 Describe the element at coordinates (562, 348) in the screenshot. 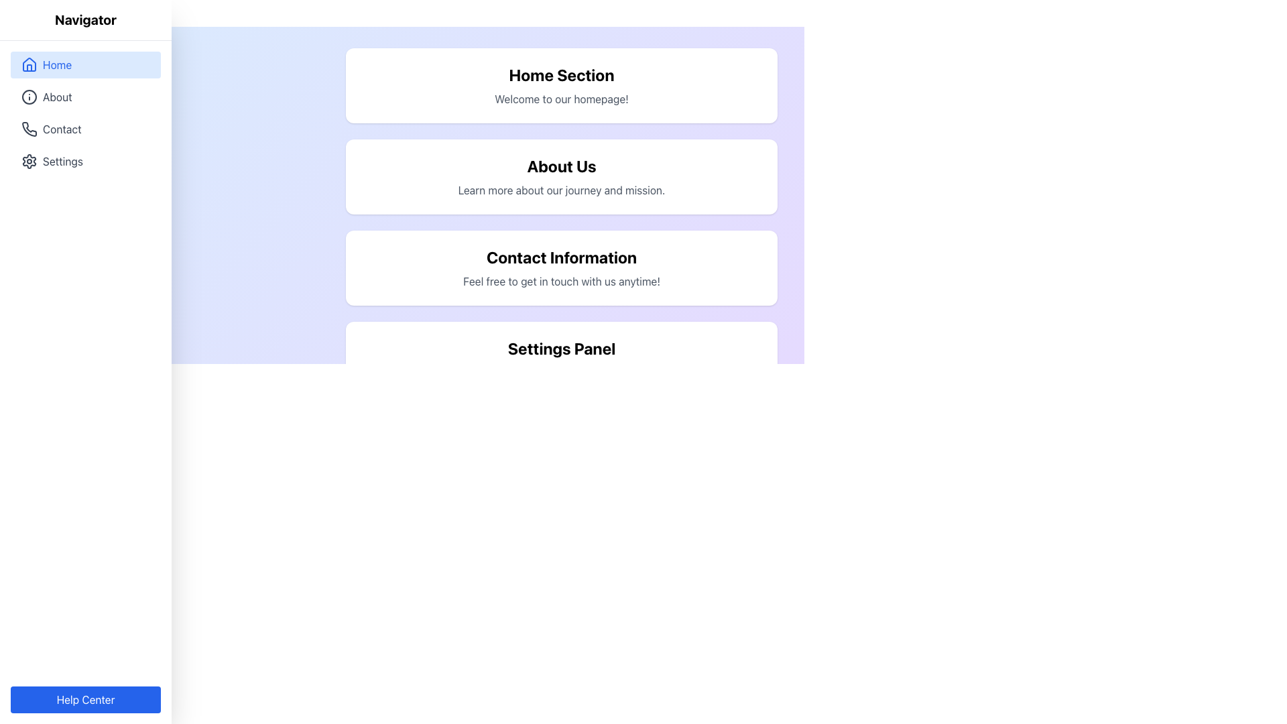

I see `the 'Settings Panel' heading text, which is displayed in large, bold text at the center of the 'Settings Panel' card` at that location.